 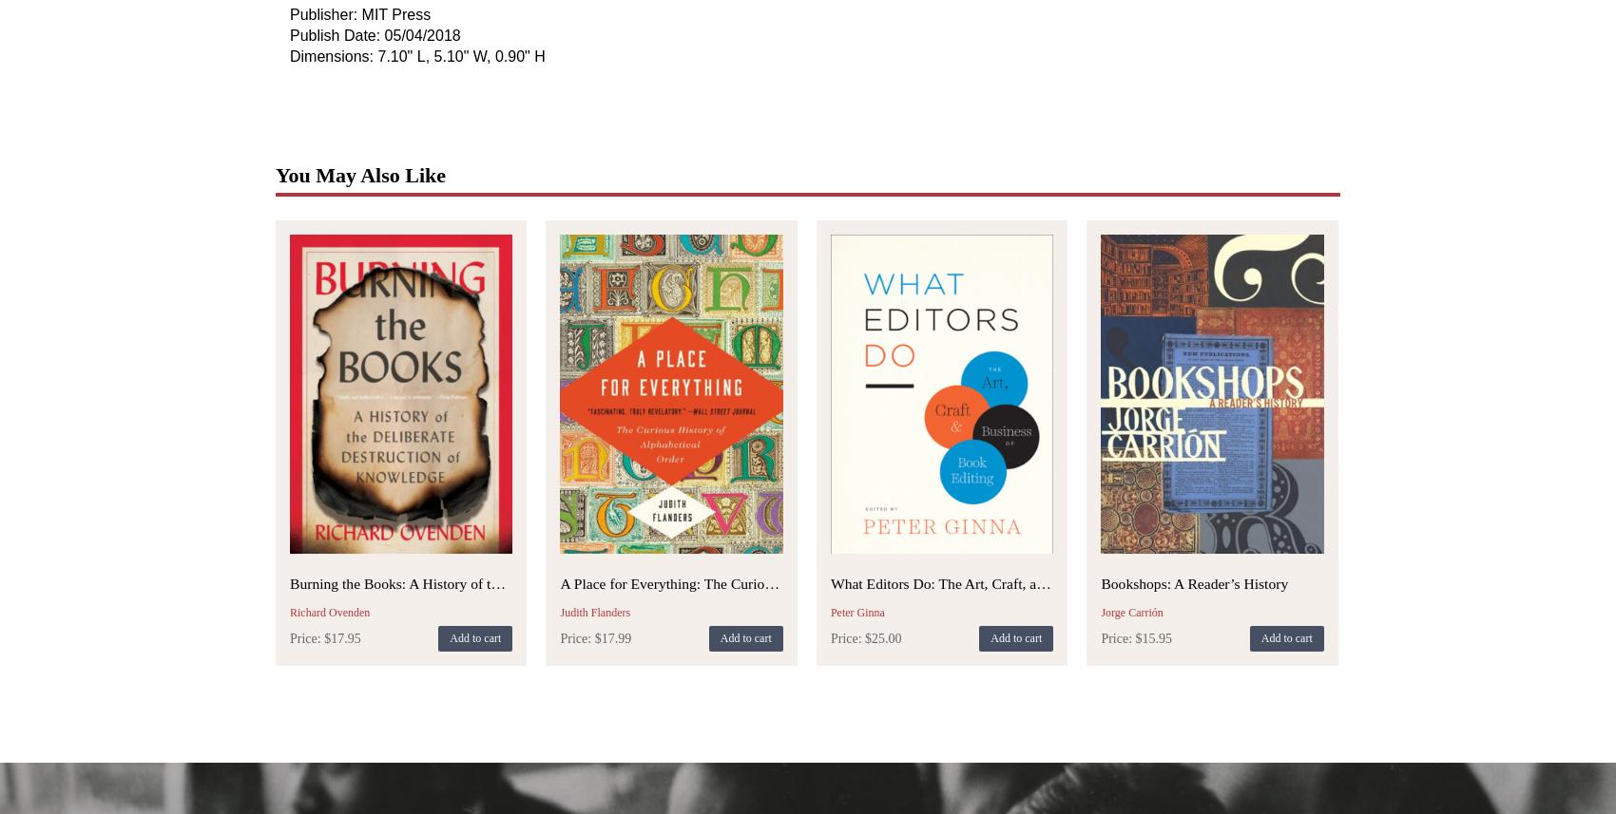 I want to click on '25.00', so click(x=886, y=637).